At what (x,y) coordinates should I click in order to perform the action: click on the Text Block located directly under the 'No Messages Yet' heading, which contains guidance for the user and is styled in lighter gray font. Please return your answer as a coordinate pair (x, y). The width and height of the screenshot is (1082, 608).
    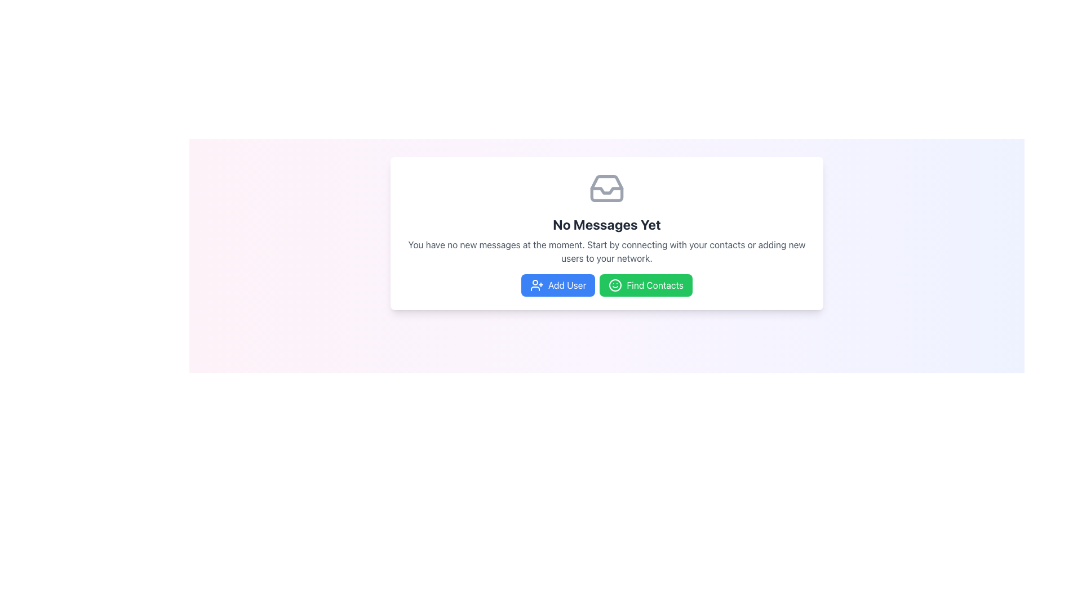
    Looking at the image, I should click on (606, 251).